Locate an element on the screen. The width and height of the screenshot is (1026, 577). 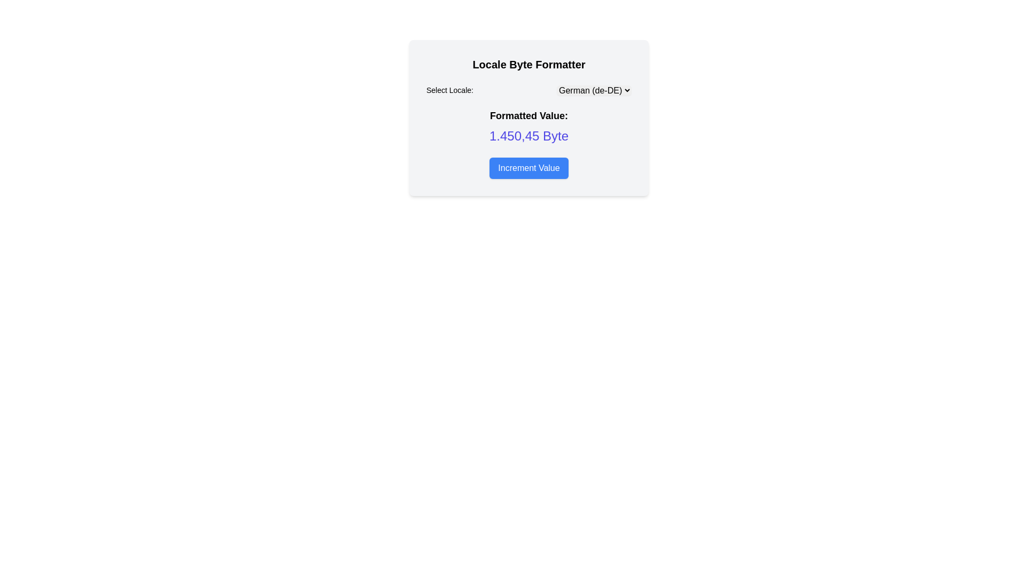
the static text display showing '1.450,45 Byte' which is positioned below the label 'Formatted Value:' in the application interface is located at coordinates (528, 135).